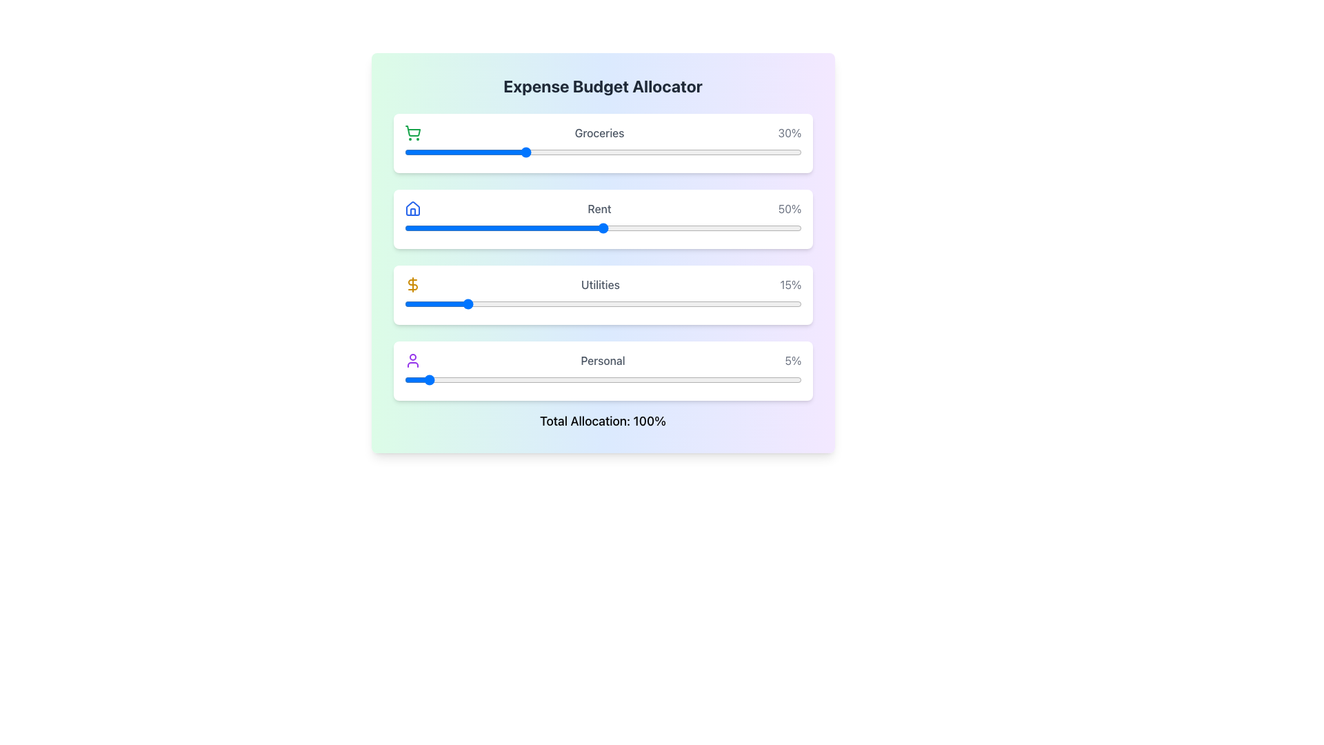 The image size is (1324, 745). I want to click on the Labeled Budget Indicator for the 'Personal' category located in the 'Expense Budget Allocator' panel, so click(603, 360).